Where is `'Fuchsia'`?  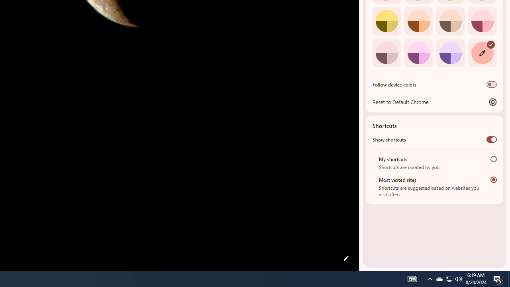
'Fuchsia' is located at coordinates (418, 53).